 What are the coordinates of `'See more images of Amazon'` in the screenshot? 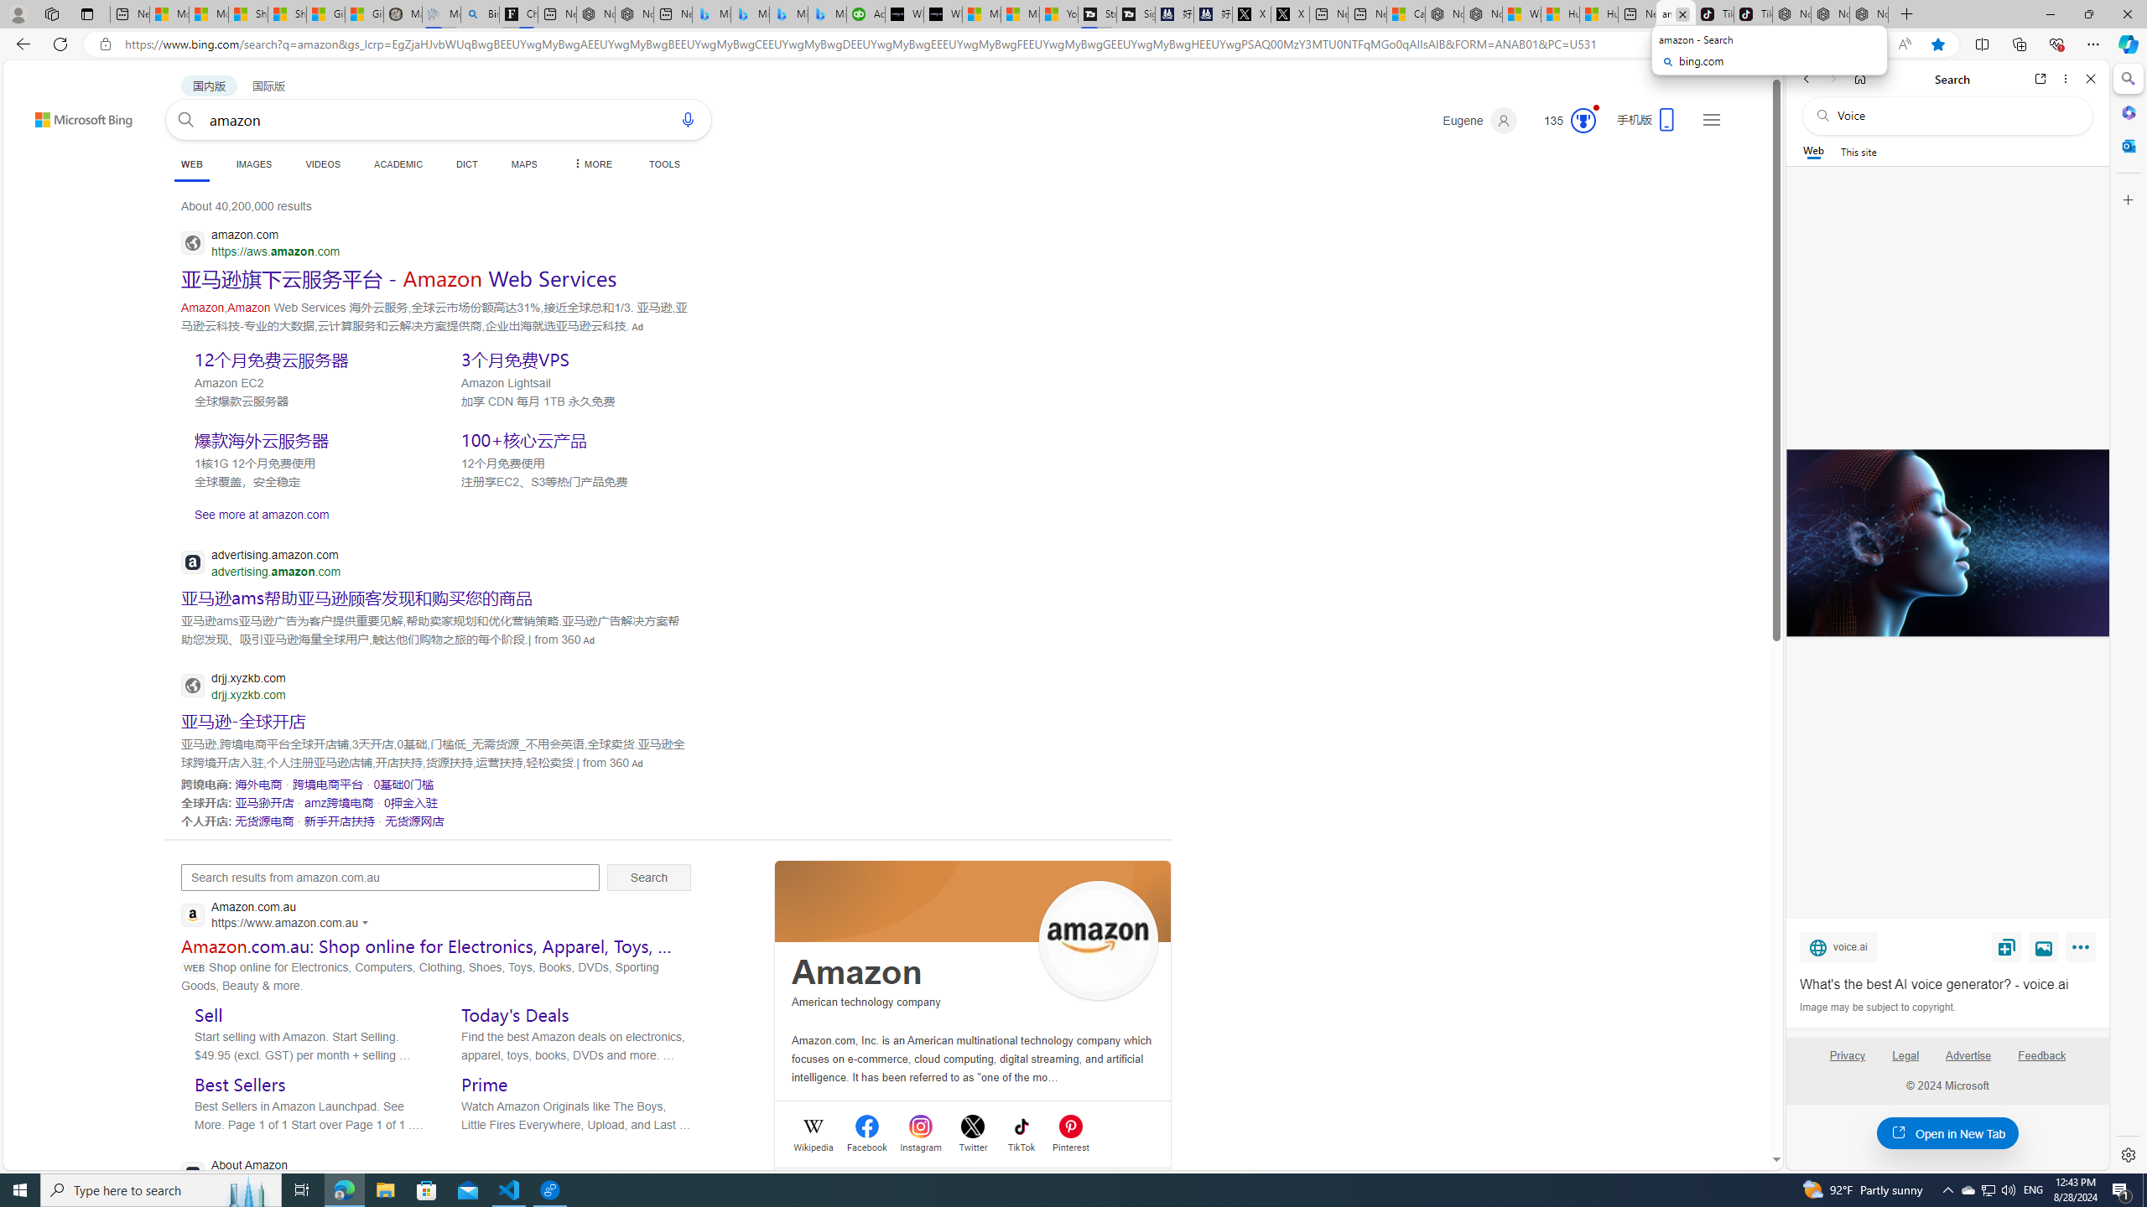 It's located at (1098, 940).